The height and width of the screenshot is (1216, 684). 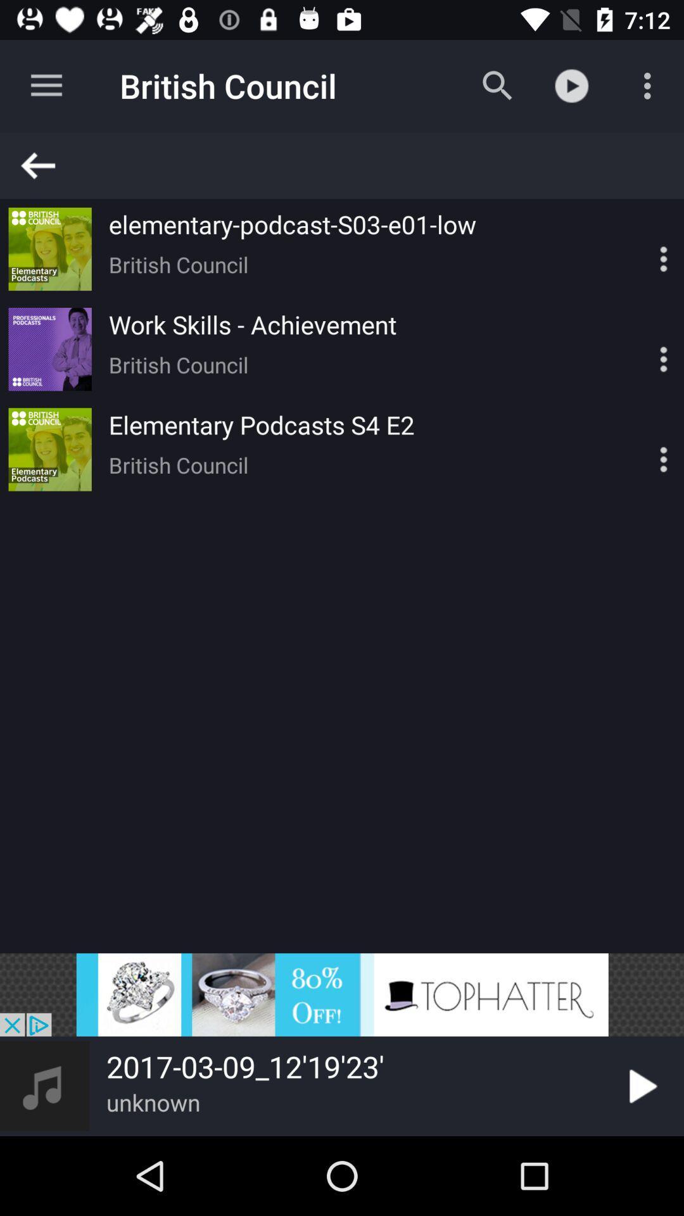 What do you see at coordinates (642, 349) in the screenshot?
I see `open info` at bounding box center [642, 349].